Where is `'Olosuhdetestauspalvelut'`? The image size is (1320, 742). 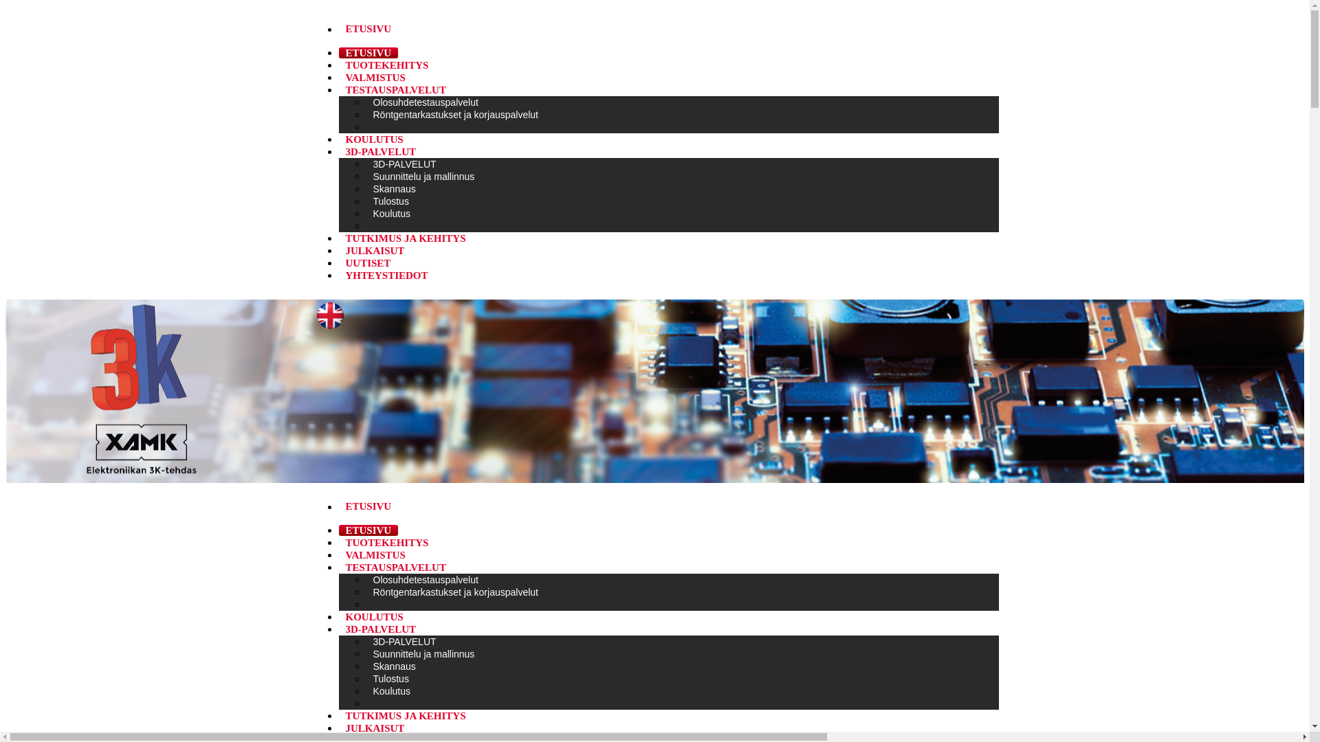
'Olosuhdetestauspalvelut' is located at coordinates (424, 102).